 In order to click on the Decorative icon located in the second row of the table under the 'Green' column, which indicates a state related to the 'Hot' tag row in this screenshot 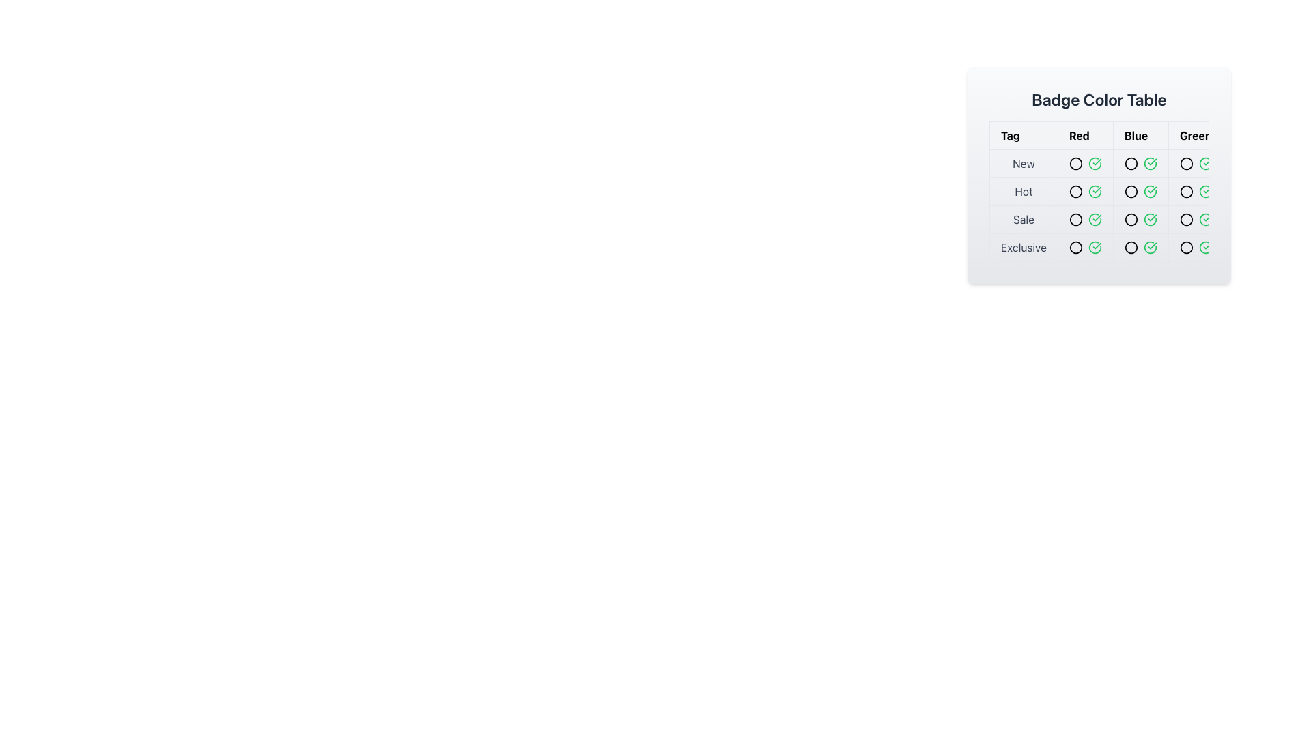, I will do `click(1185, 192)`.